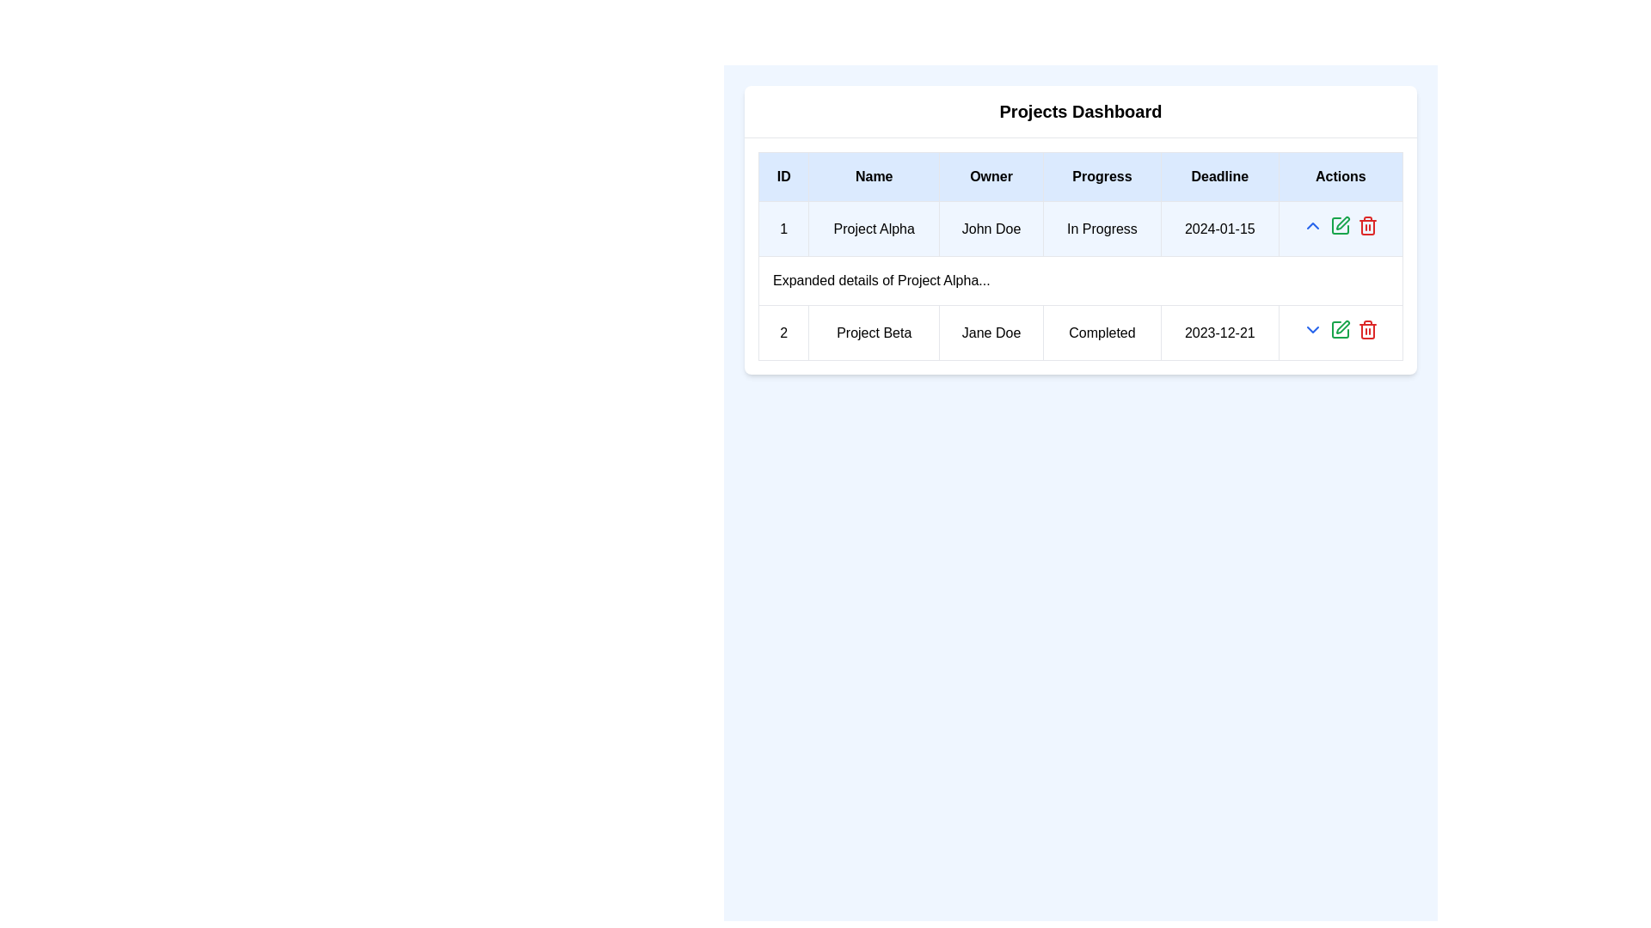 This screenshot has height=928, width=1651. I want to click on the static text label displaying 'Jane Doe' located in the second row of the table under the 'Owner' column in the 'Projects Dashboard', so click(991, 333).